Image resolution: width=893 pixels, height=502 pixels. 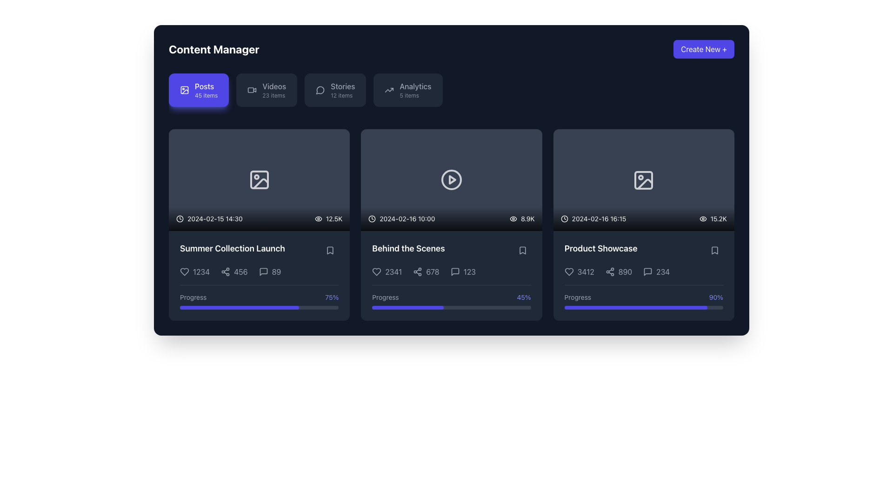 What do you see at coordinates (564, 218) in the screenshot?
I see `the small circular clock icon located in the 'Product Showcase' card within the timestamp cluster '2024-02-16 16:15'` at bounding box center [564, 218].